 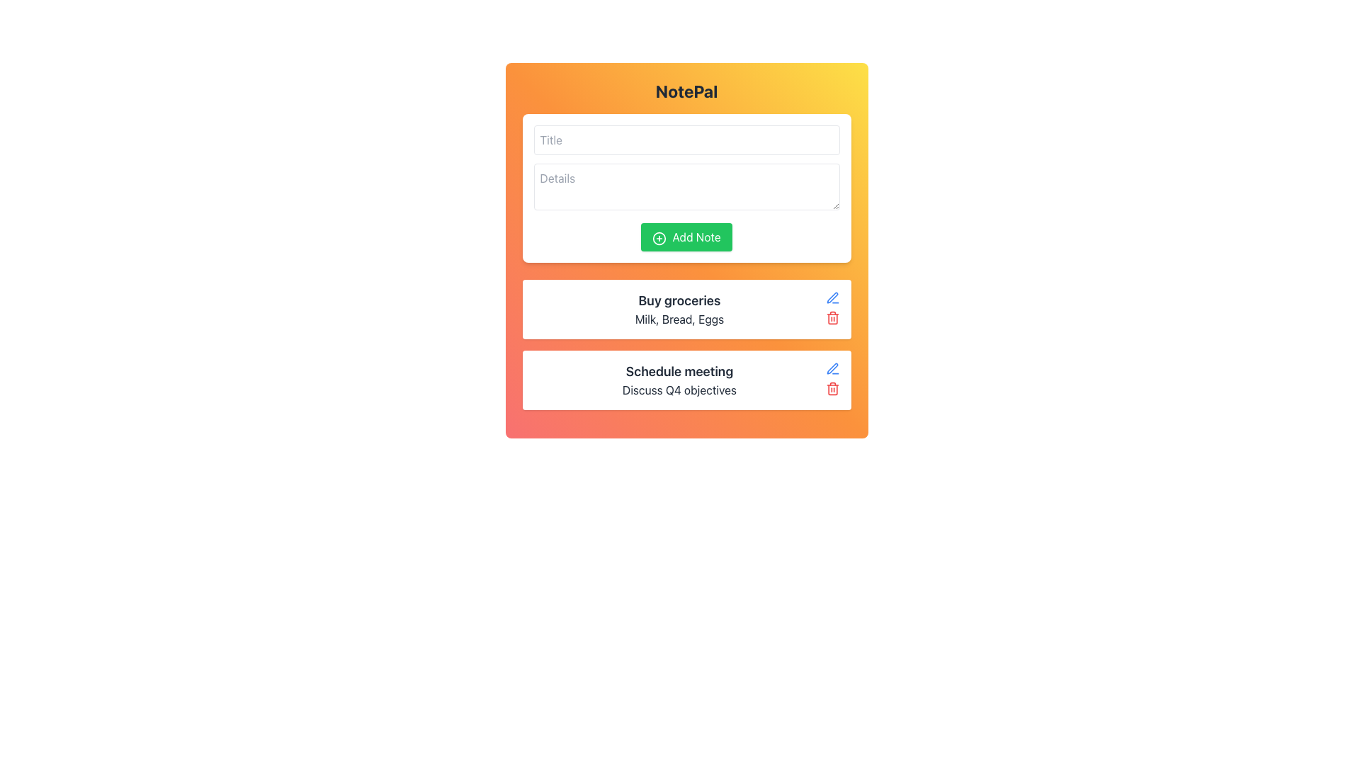 I want to click on the 'Add Note' button, which is centrally located below the input fields for 'Title' and 'Details', so click(x=686, y=237).